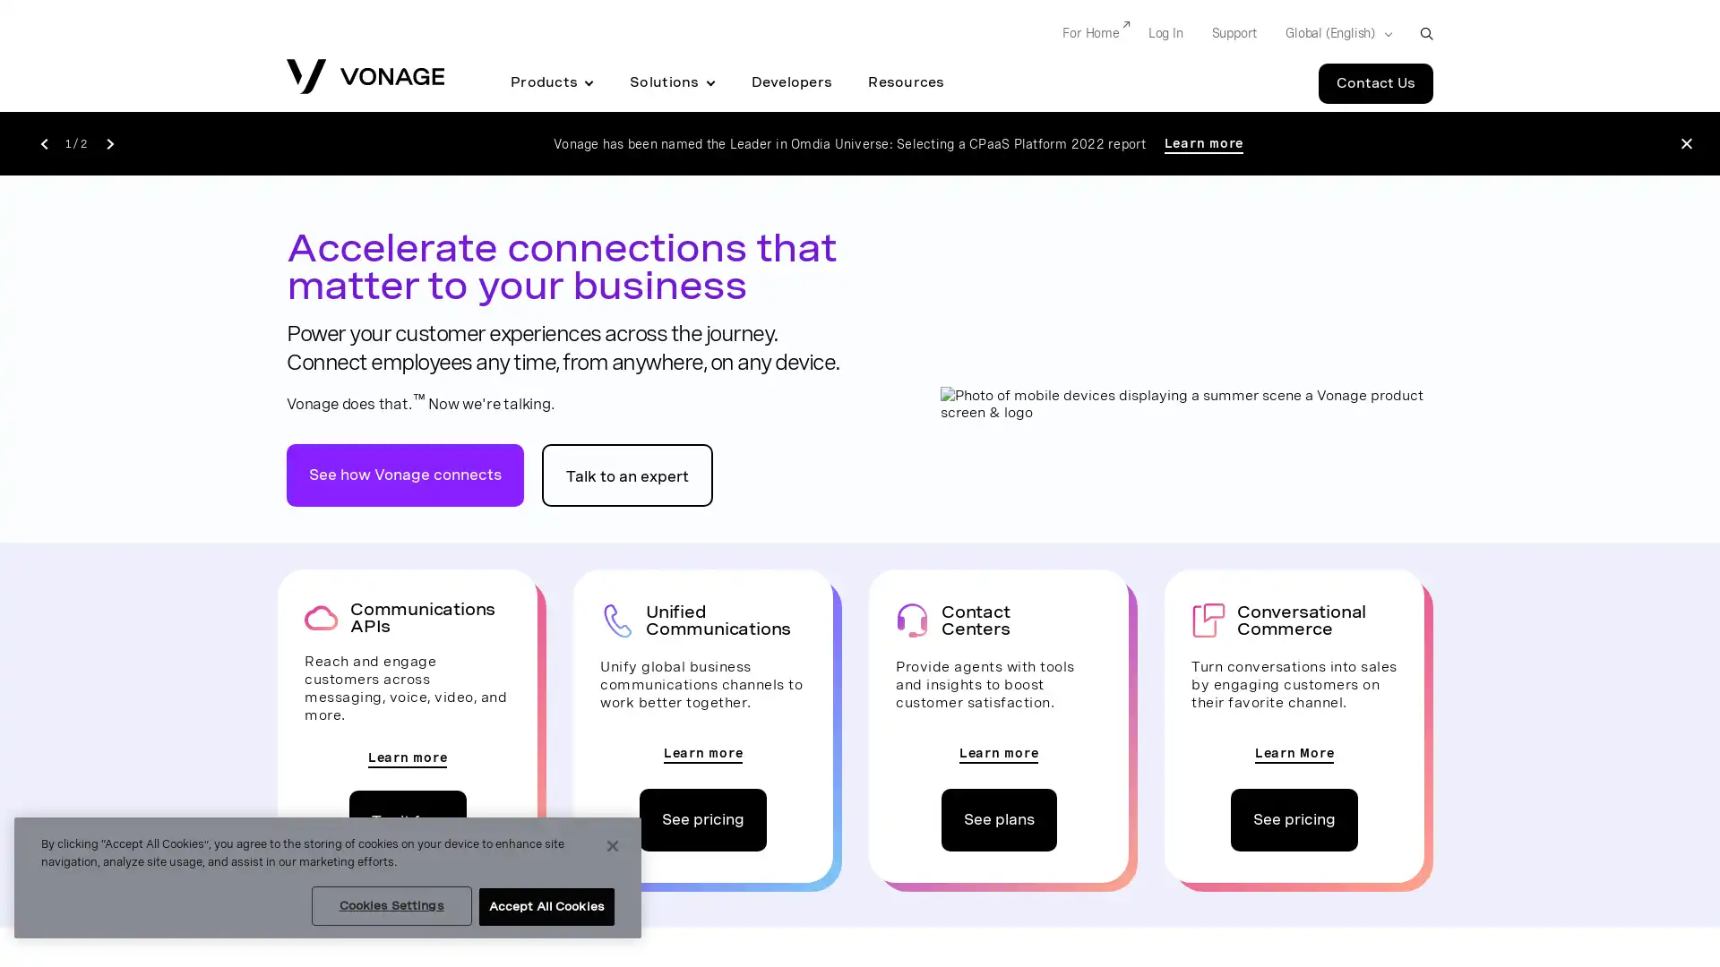  What do you see at coordinates (390, 905) in the screenshot?
I see `Cookies Settings` at bounding box center [390, 905].